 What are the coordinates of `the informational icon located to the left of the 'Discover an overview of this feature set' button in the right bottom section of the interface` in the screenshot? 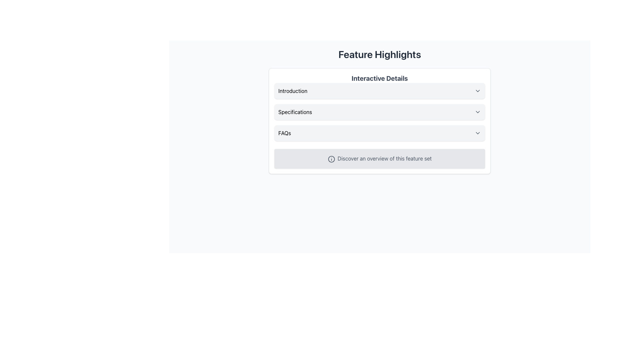 It's located at (331, 159).